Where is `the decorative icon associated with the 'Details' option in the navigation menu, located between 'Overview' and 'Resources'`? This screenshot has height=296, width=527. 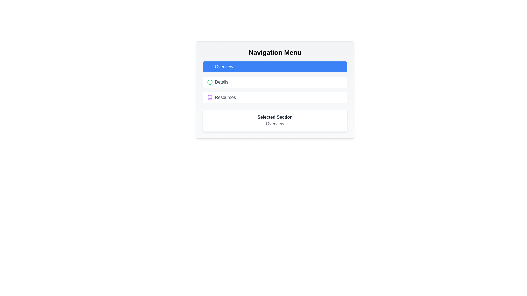 the decorative icon associated with the 'Details' option in the navigation menu, located between 'Overview' and 'Resources' is located at coordinates (209, 82).